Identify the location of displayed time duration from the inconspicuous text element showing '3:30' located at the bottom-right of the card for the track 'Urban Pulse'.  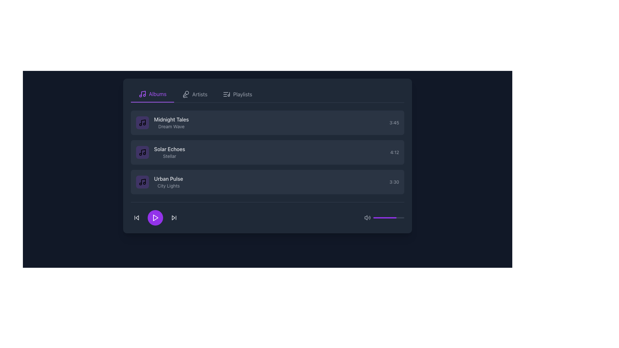
(394, 182).